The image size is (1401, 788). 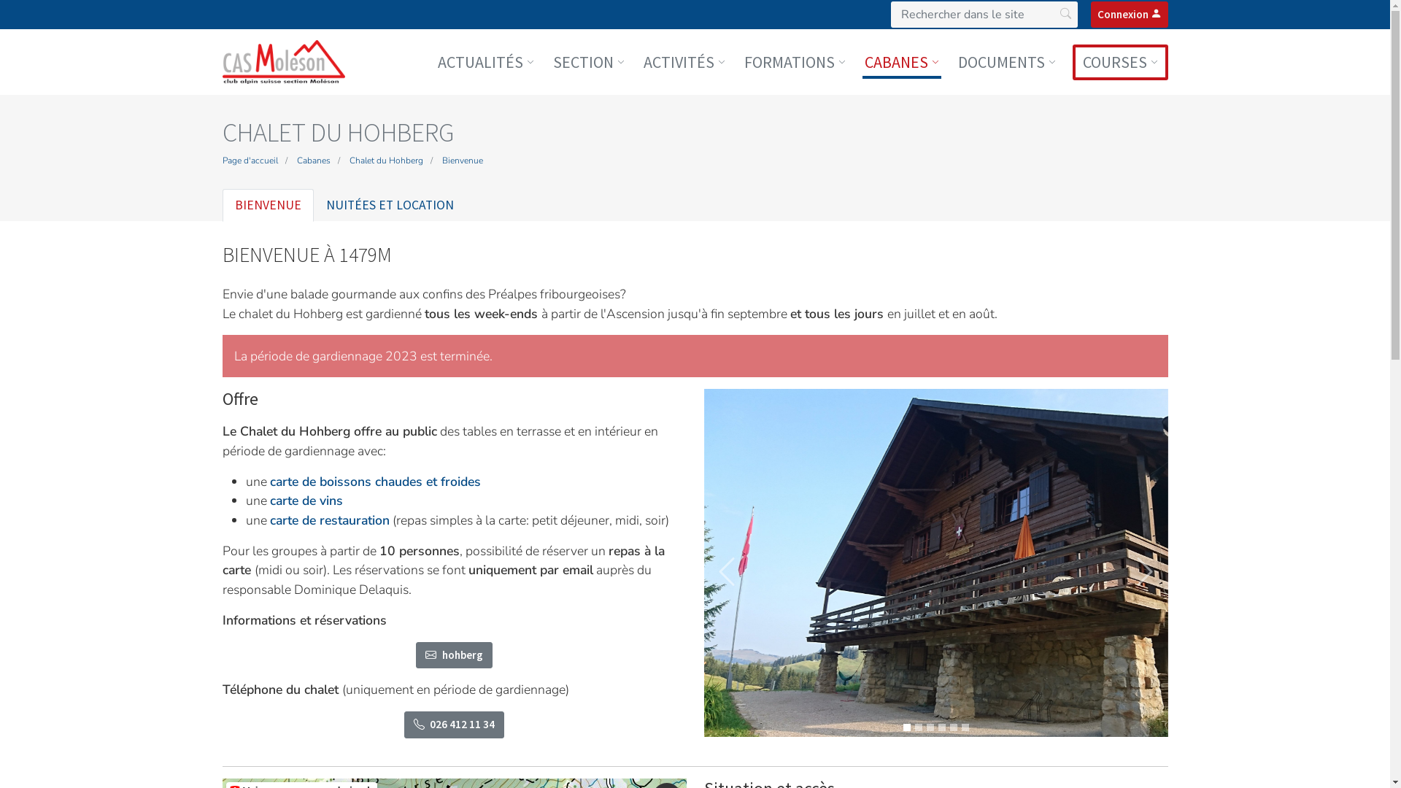 What do you see at coordinates (269, 500) in the screenshot?
I see `'carte de vins'` at bounding box center [269, 500].